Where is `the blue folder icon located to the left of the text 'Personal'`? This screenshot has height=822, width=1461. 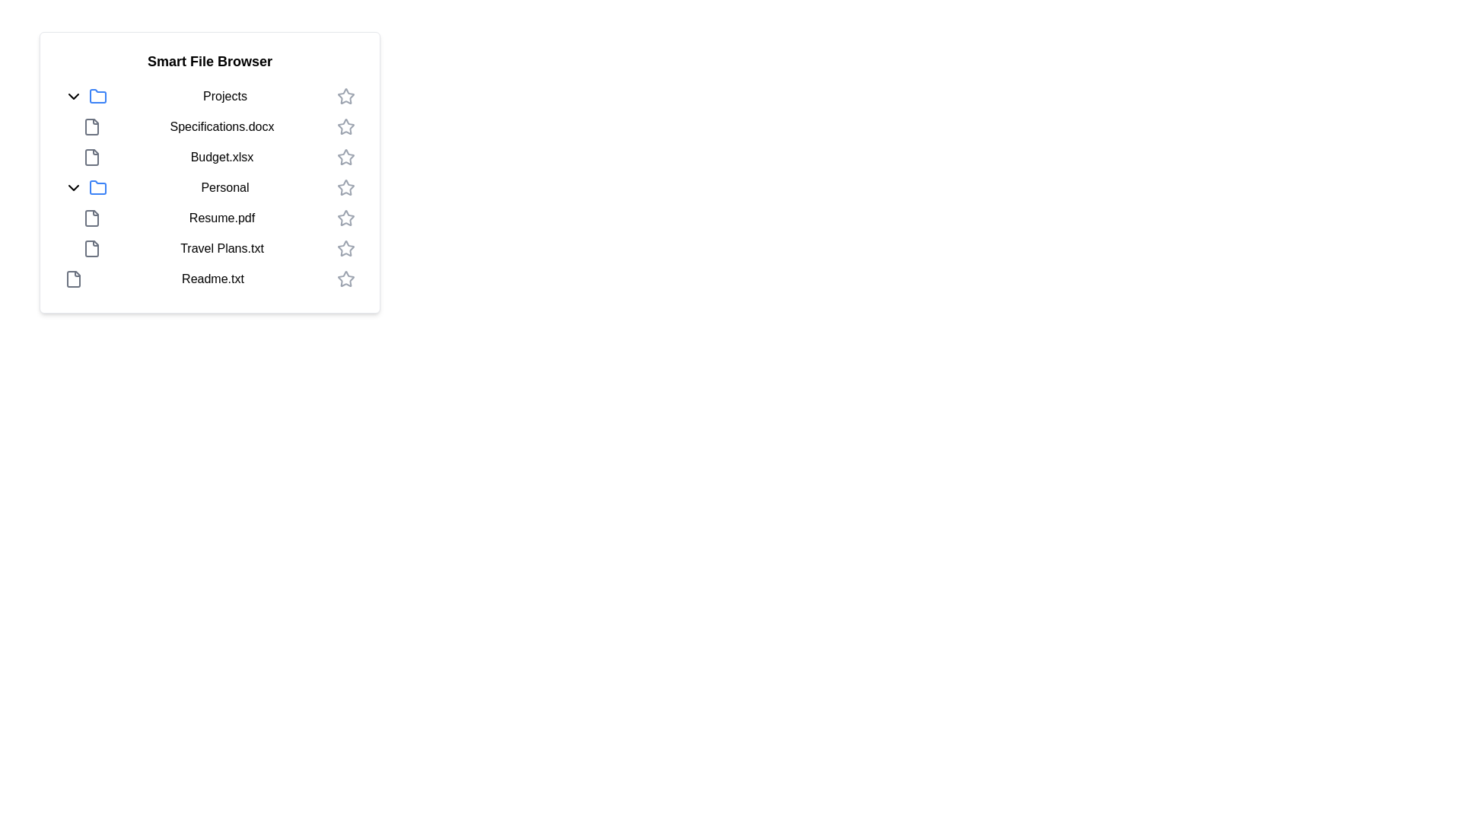
the blue folder icon located to the left of the text 'Personal' is located at coordinates (97, 186).